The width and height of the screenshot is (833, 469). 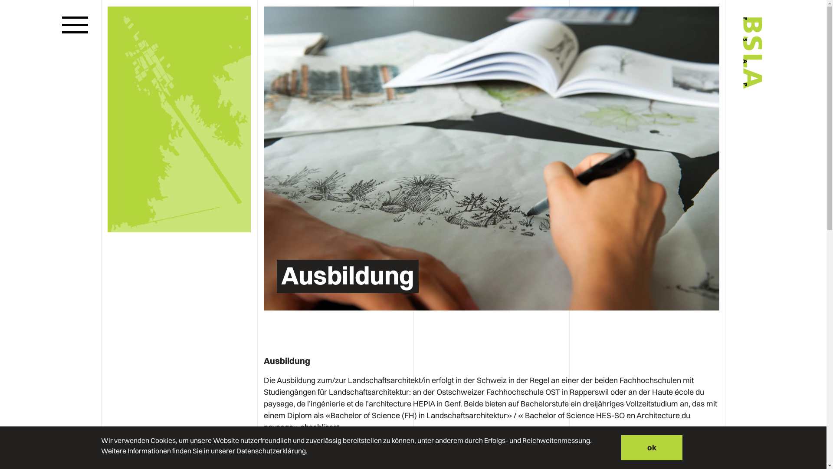 What do you see at coordinates (652, 447) in the screenshot?
I see `'ok'` at bounding box center [652, 447].